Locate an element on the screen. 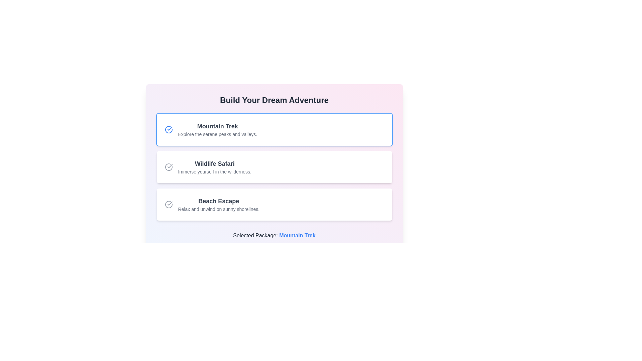 The height and width of the screenshot is (361, 642). text displayed in the Text Display element that shows information about the selected package, specifically the highlighted package name 'Mountain Trek' is located at coordinates (274, 235).